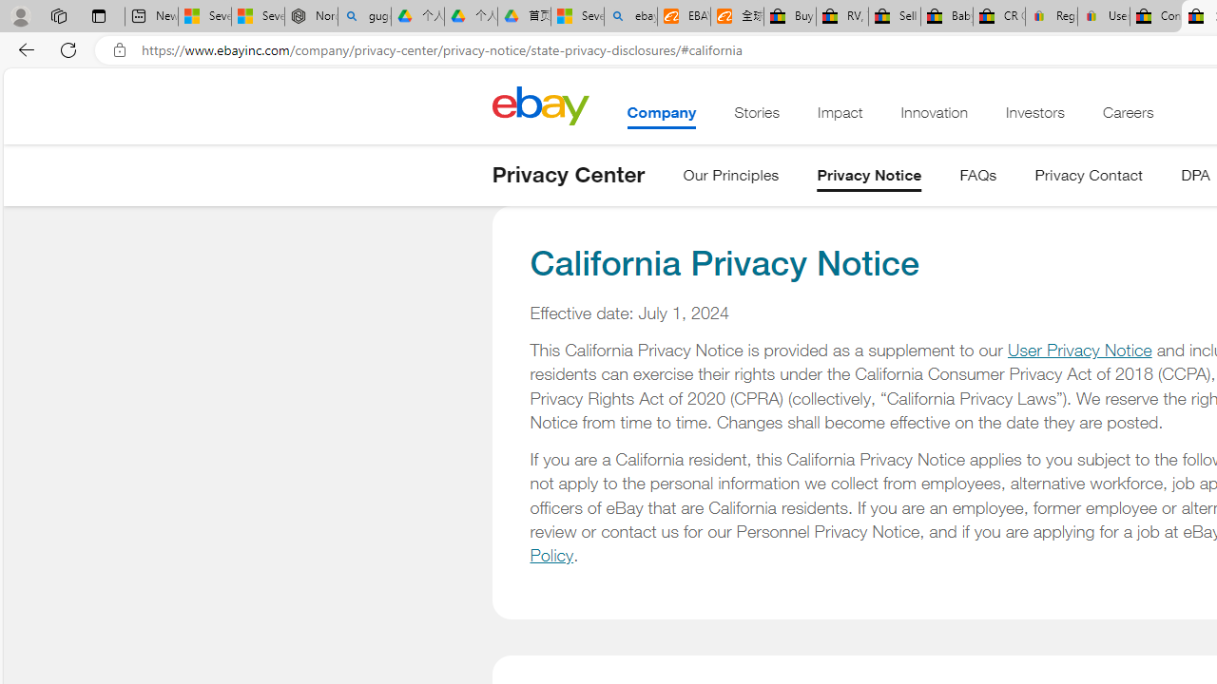 This screenshot has width=1217, height=684. Describe the element at coordinates (1079, 350) in the screenshot. I see `'User Privacy Notice'` at that location.